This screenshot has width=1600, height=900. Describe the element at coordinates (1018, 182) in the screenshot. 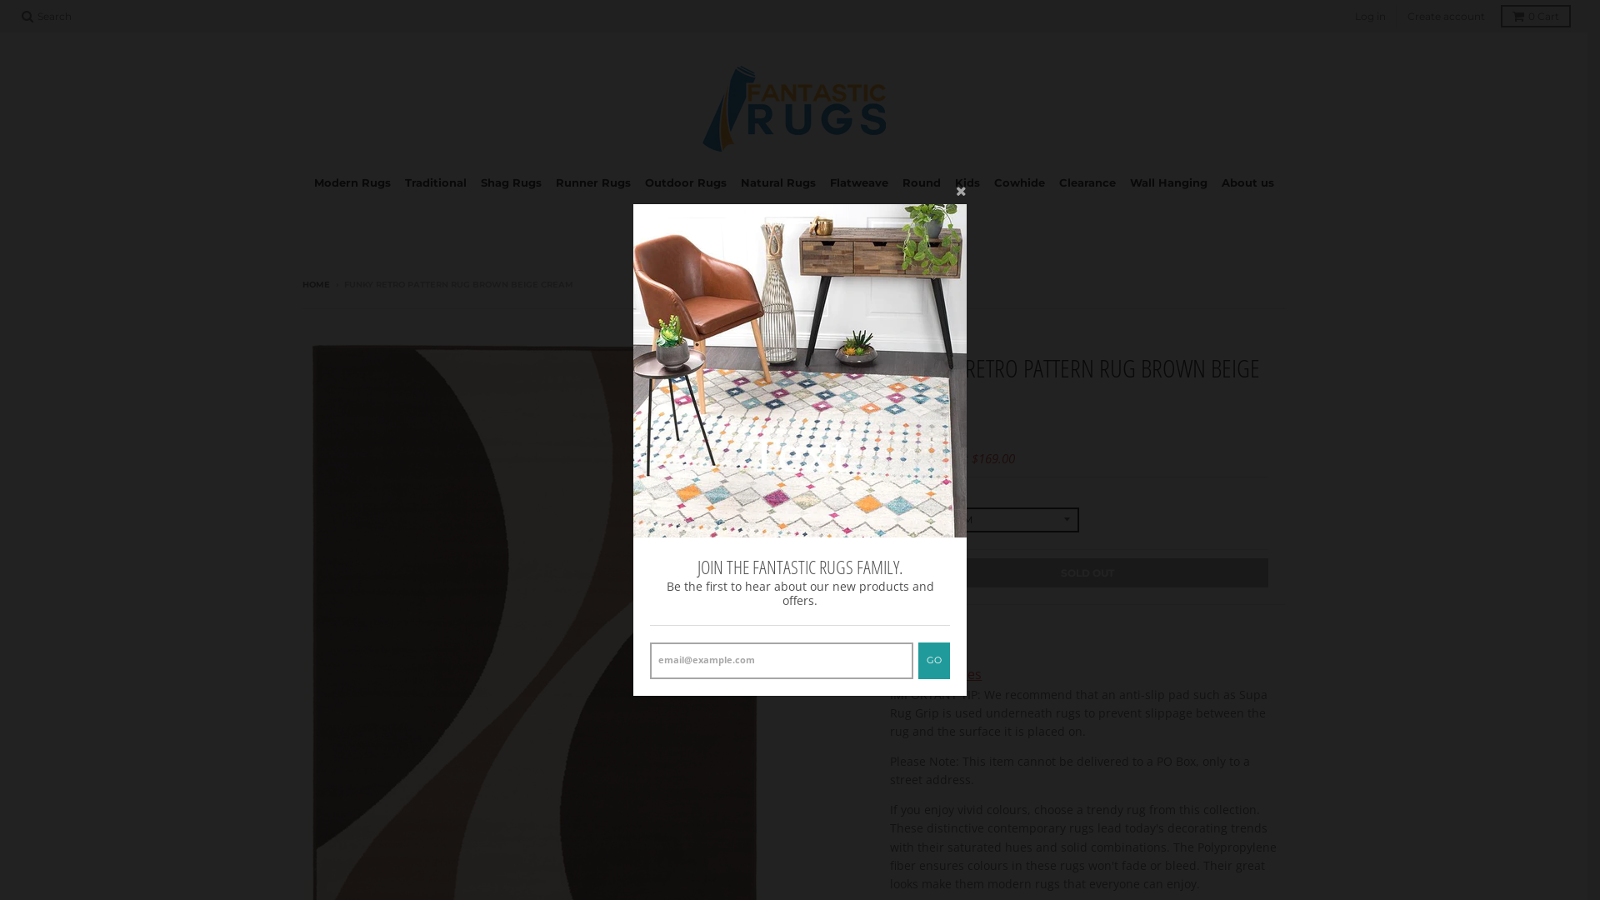

I see `'Cowhide'` at that location.